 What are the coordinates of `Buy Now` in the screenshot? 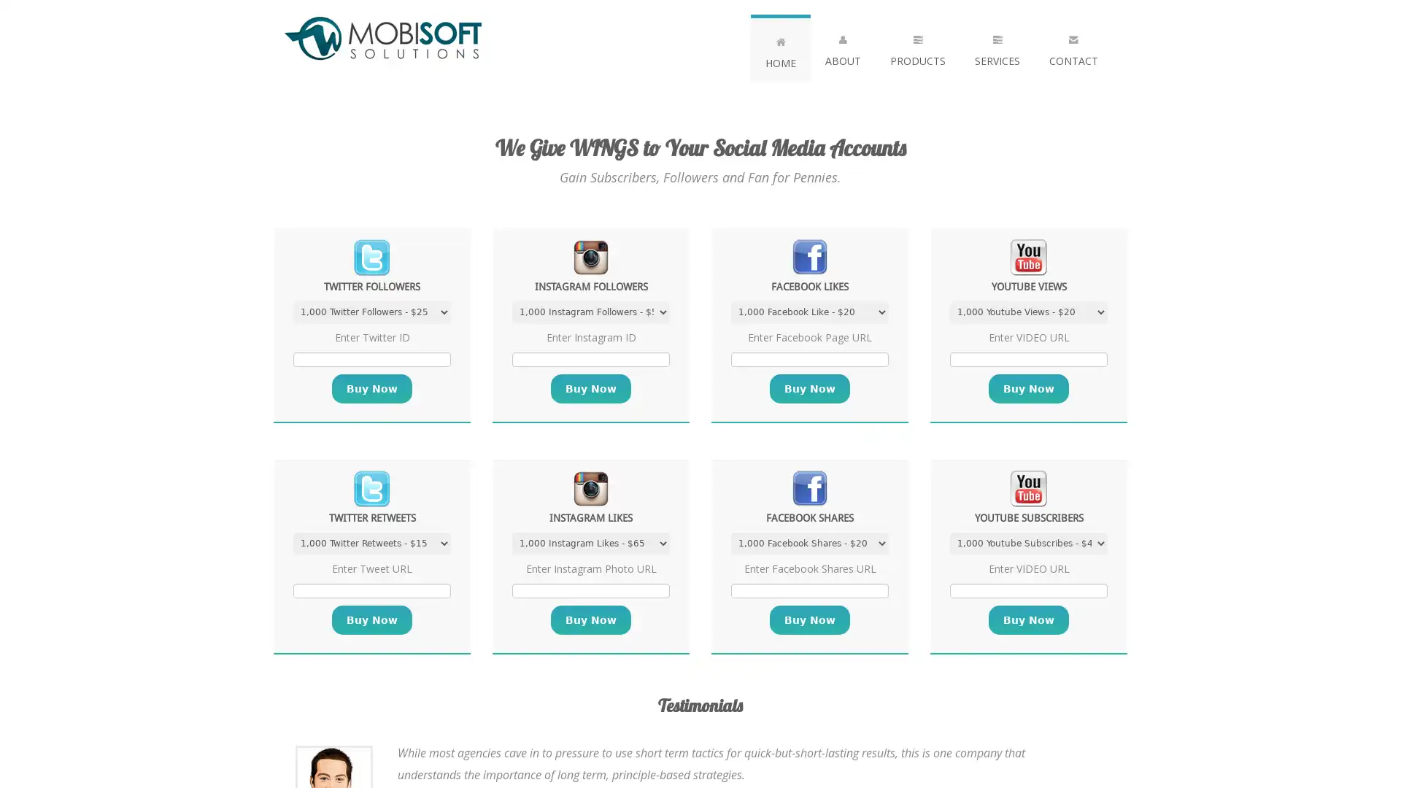 It's located at (1028, 387).